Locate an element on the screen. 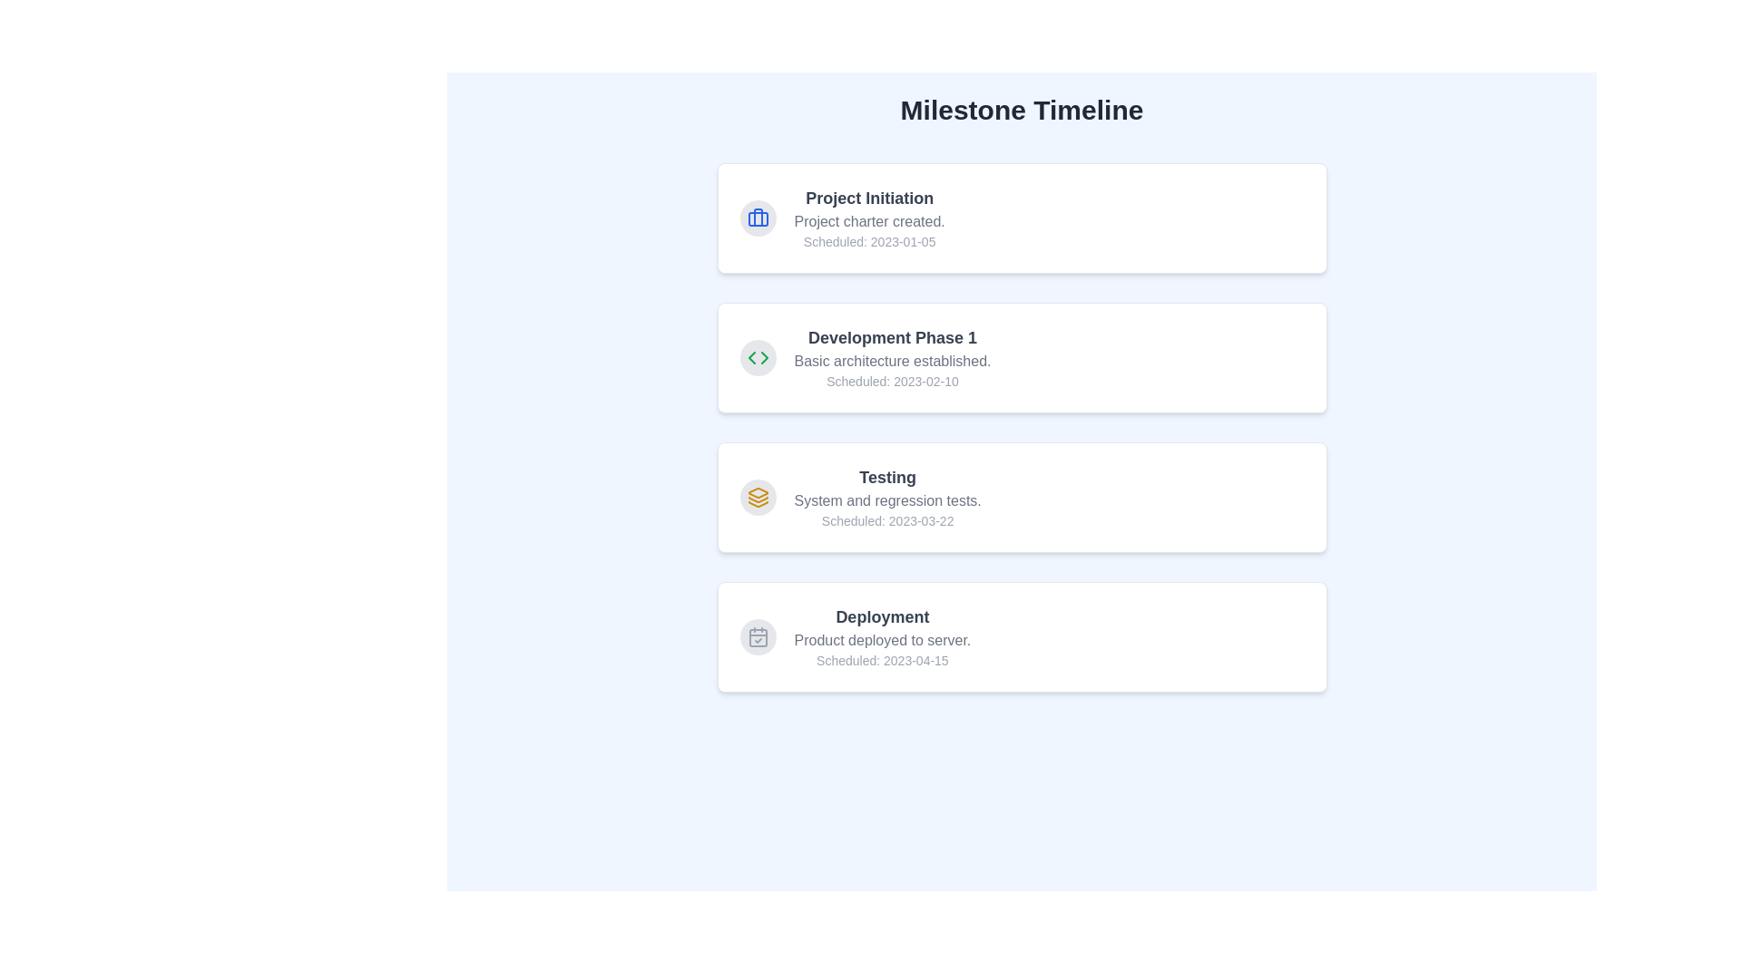  text element styled as a subtitle that contains 'System and regression tests.' located below the 'Testing' heading and above the 'Scheduled: 2023-03-22' is located at coordinates (887, 500).